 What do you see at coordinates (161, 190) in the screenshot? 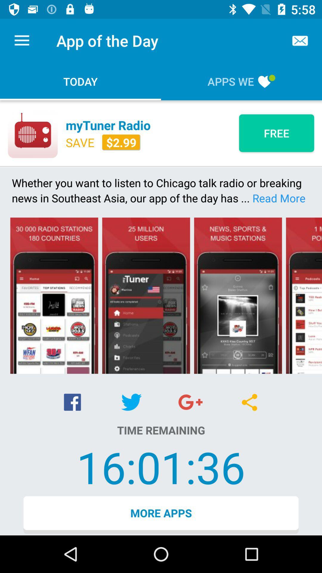
I see `whether you want item` at bounding box center [161, 190].